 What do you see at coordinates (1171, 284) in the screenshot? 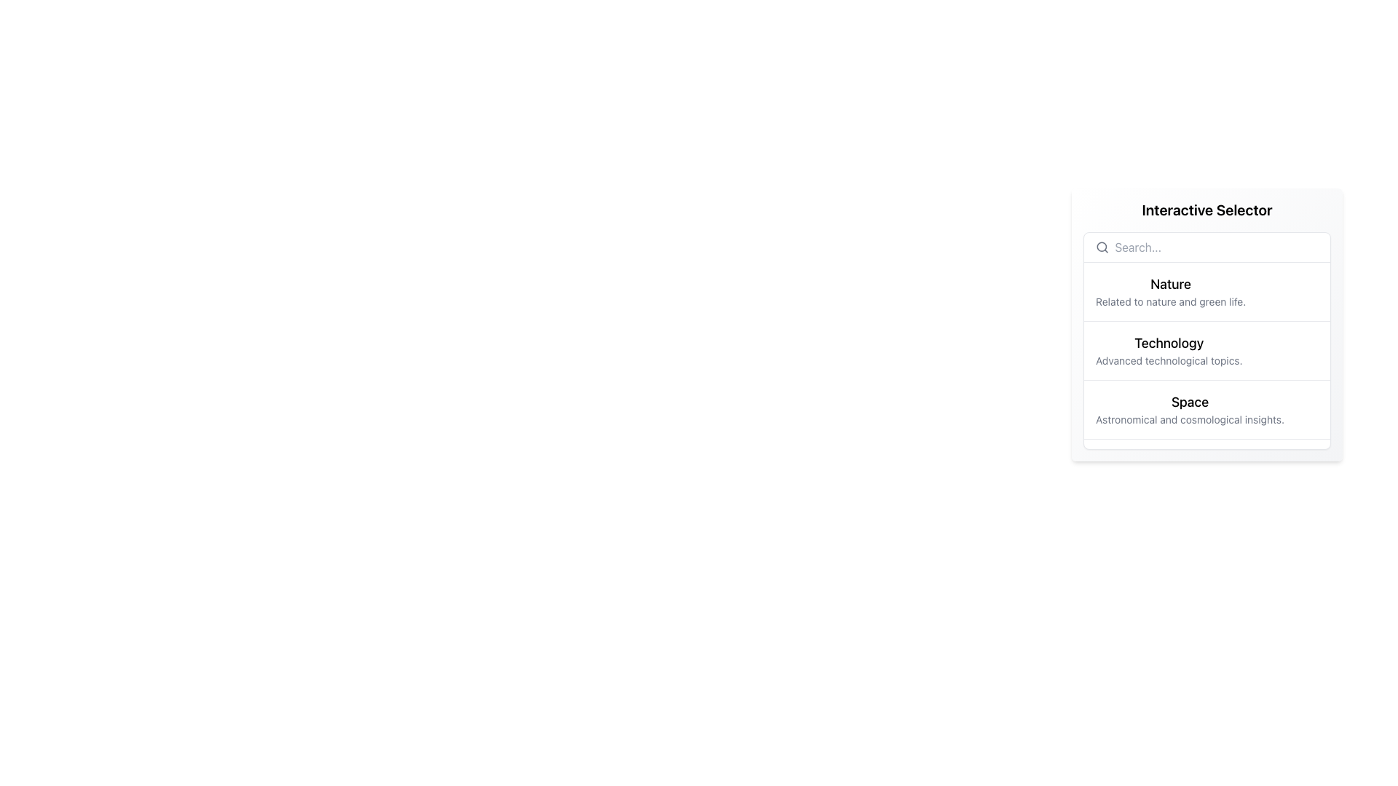
I see `the bold header text 'Nature' located in the top-right quadrant of the interface for additional actions or information` at bounding box center [1171, 284].